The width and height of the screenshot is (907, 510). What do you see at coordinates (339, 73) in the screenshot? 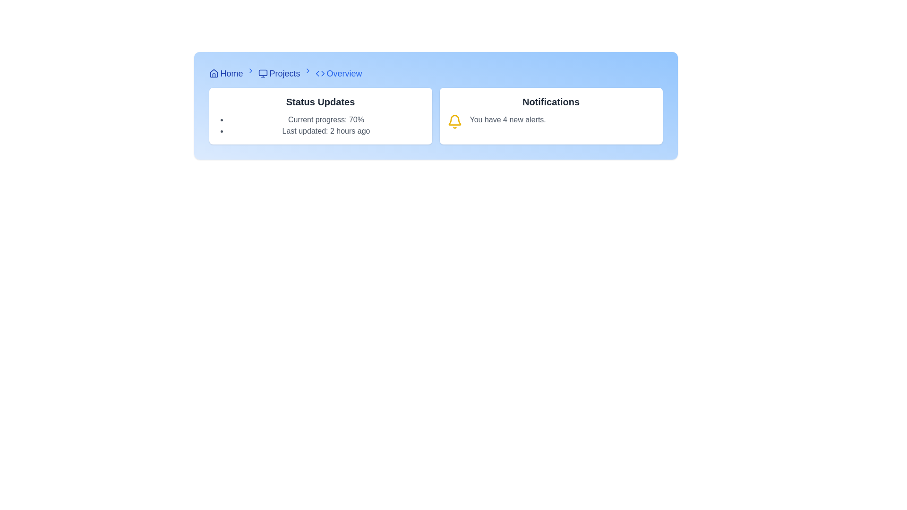
I see `the 'Overview' text link with accompanying icon in the breadcrumb navigation bar, which is styled in blue and located after 'Projects'` at bounding box center [339, 73].